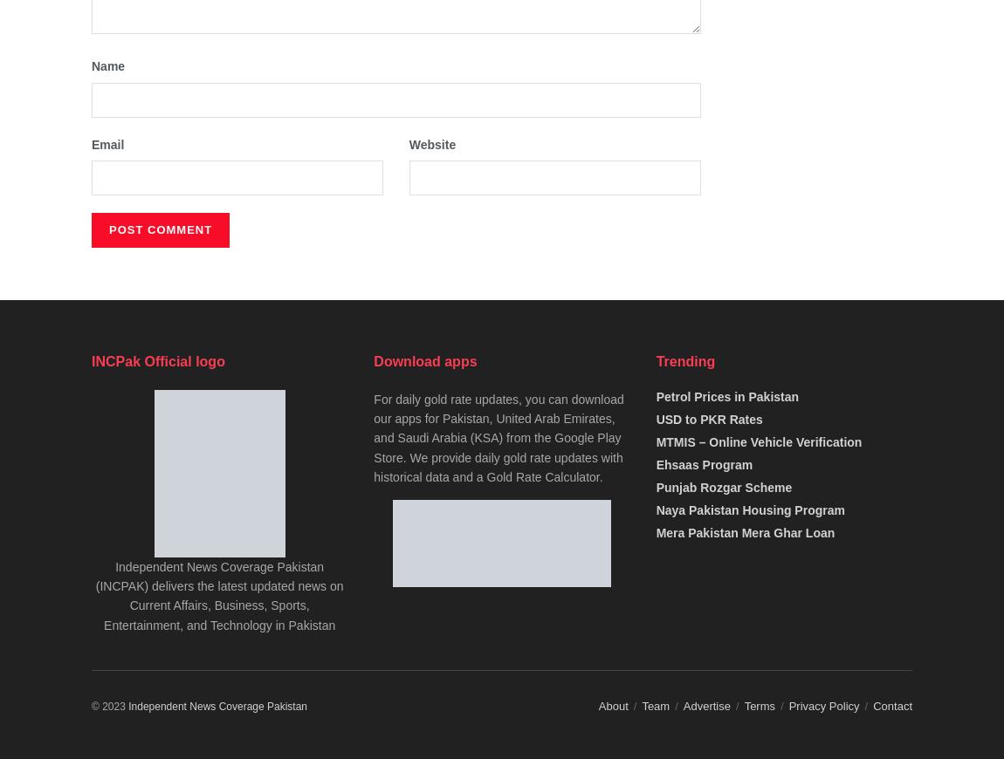 Image resolution: width=1004 pixels, height=759 pixels. Describe the element at coordinates (703, 463) in the screenshot. I see `'Ehsaas Program'` at that location.